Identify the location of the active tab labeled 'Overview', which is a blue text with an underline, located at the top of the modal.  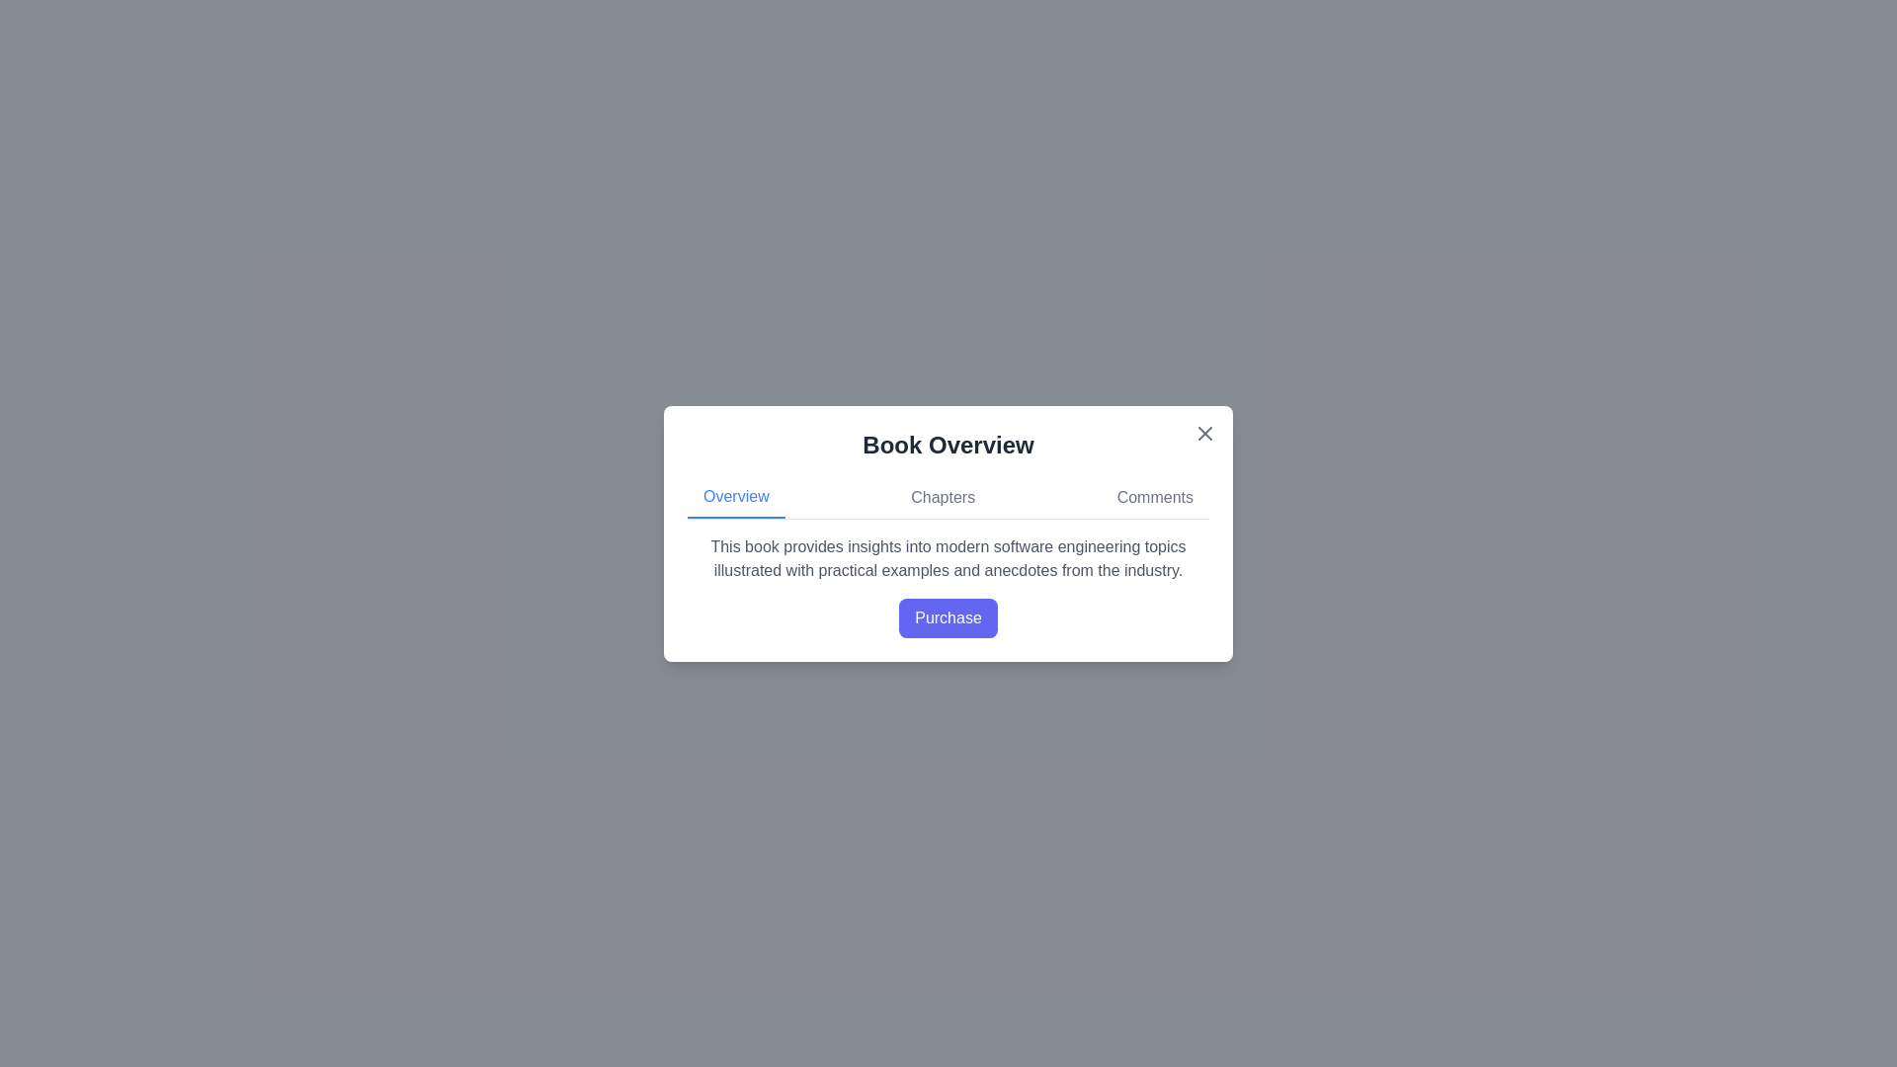
(735, 496).